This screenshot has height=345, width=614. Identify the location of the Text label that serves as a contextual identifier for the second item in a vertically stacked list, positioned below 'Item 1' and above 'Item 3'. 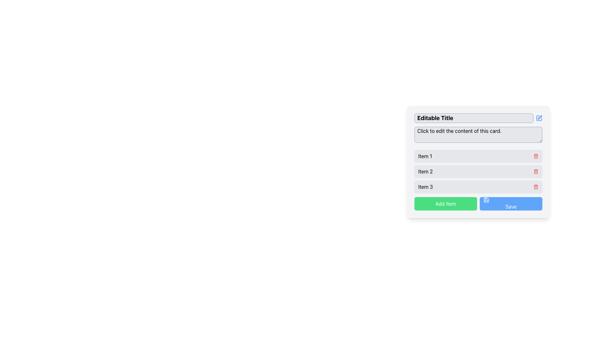
(425, 171).